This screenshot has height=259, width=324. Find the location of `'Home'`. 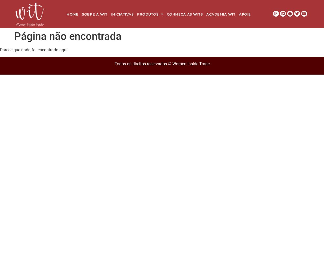

'Home' is located at coordinates (72, 14).